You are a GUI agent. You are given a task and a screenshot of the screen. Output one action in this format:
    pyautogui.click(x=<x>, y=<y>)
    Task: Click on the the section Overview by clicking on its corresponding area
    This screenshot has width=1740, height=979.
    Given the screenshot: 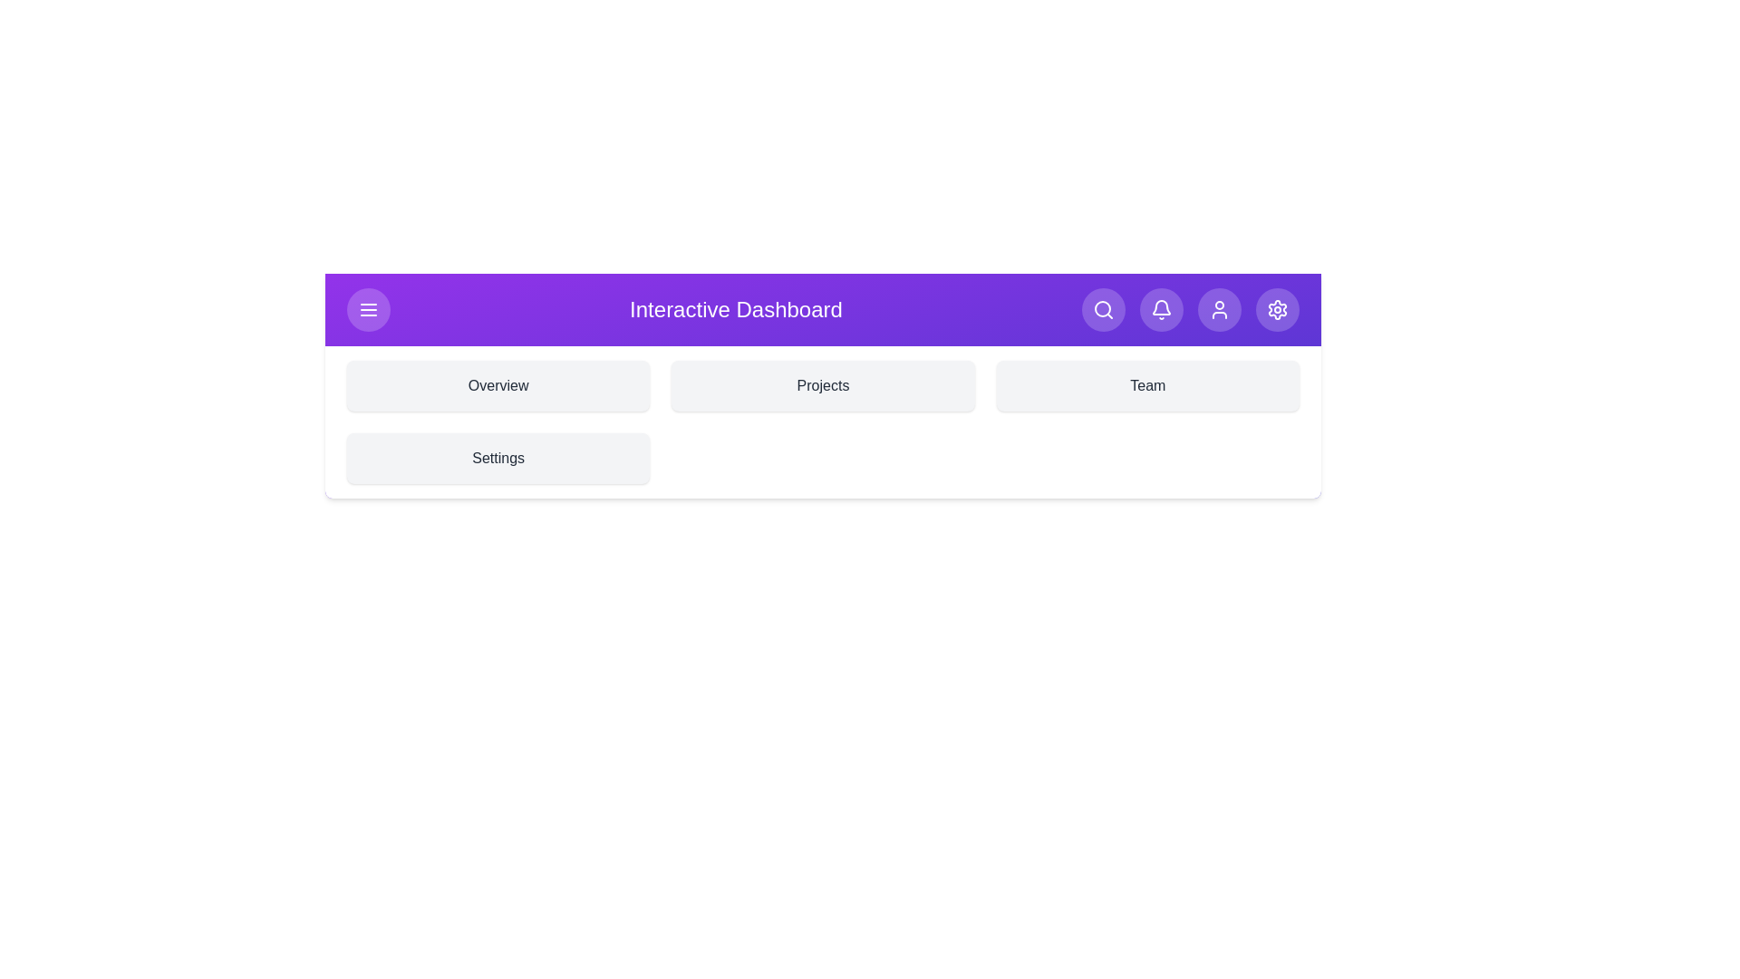 What is the action you would take?
    pyautogui.click(x=498, y=384)
    